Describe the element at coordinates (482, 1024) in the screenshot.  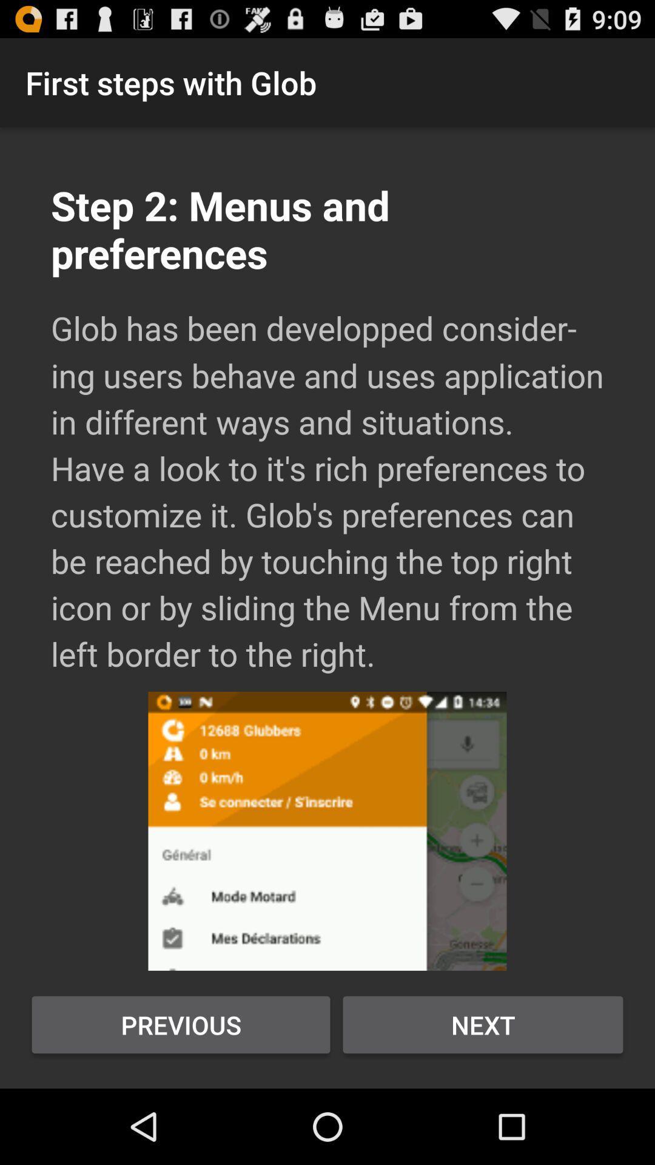
I see `the item at the bottom right corner` at that location.